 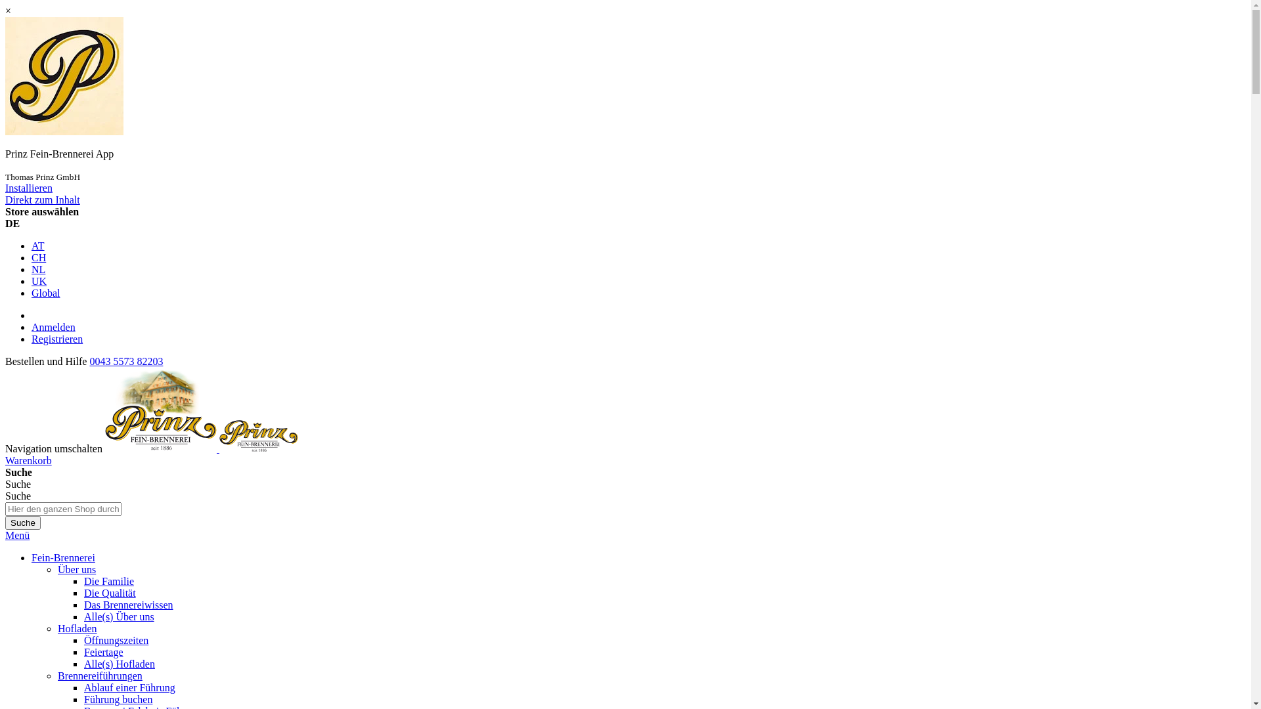 What do you see at coordinates (56, 338) in the screenshot?
I see `'Registrieren'` at bounding box center [56, 338].